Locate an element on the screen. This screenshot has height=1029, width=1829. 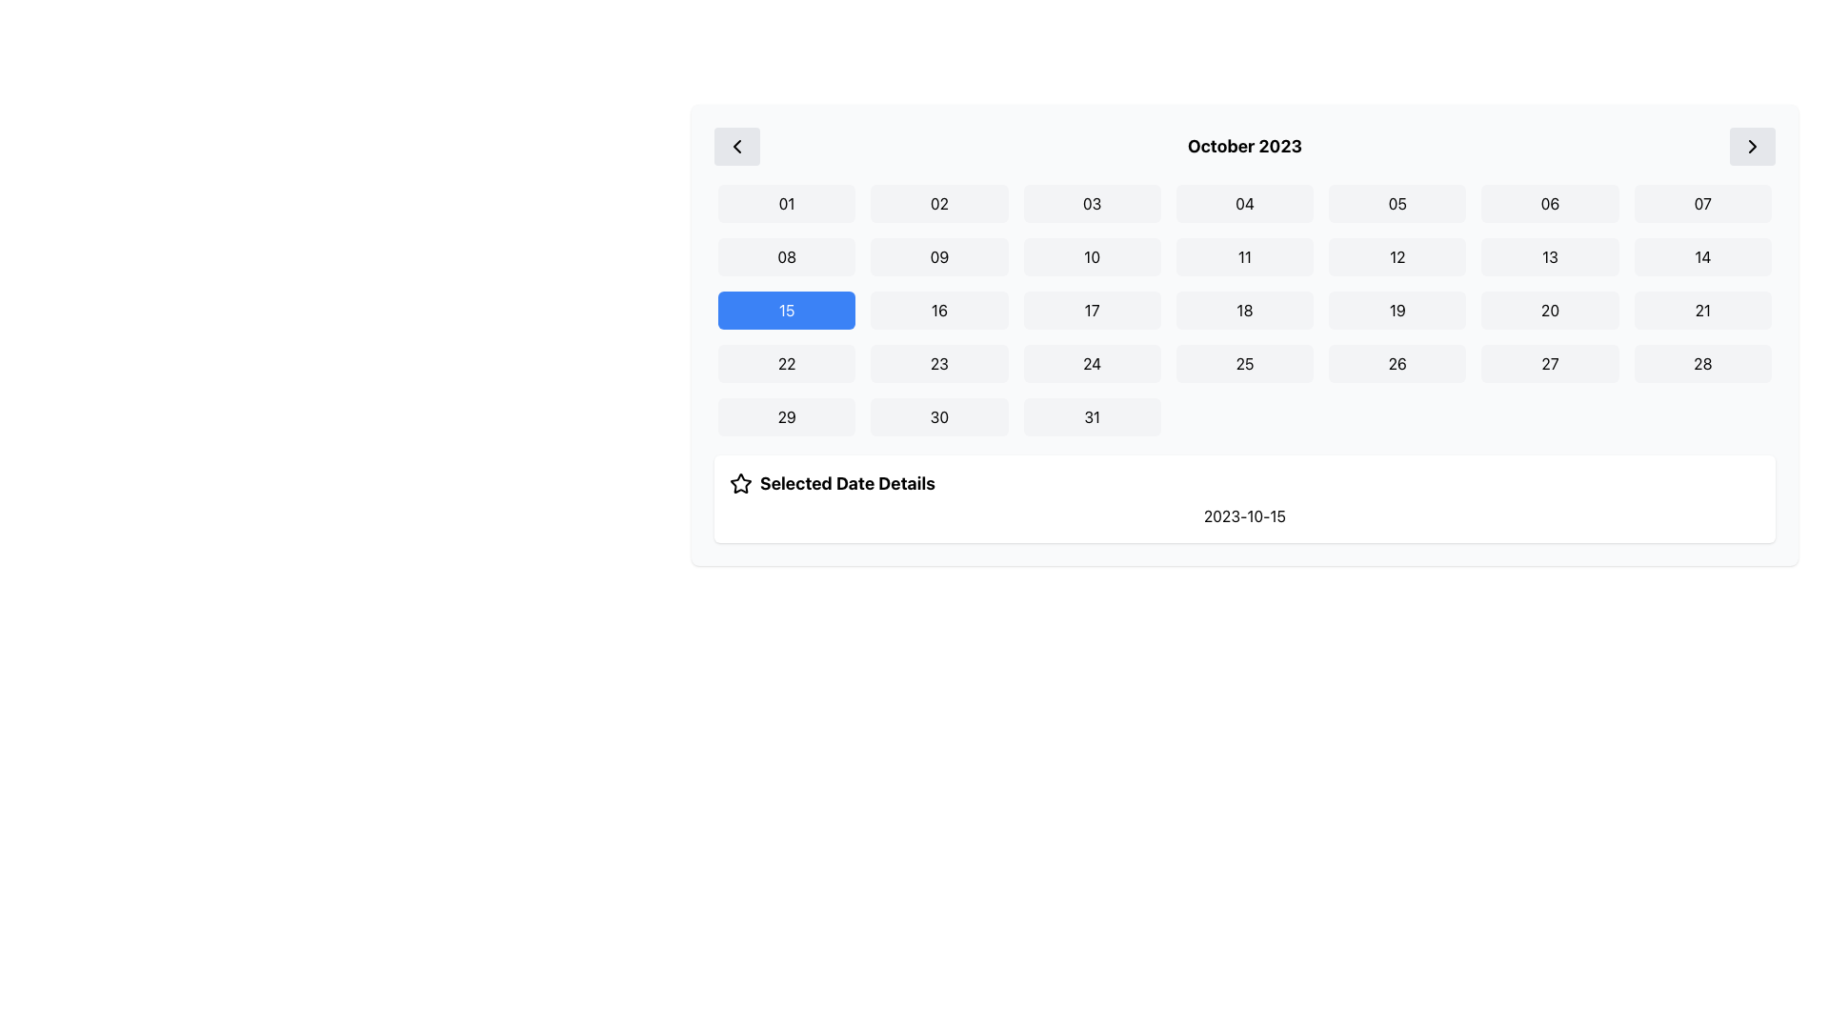
the decorative star icon located in the bottom right corner of the interface, which indicates a favorite selection or rating point is located at coordinates (739, 482).